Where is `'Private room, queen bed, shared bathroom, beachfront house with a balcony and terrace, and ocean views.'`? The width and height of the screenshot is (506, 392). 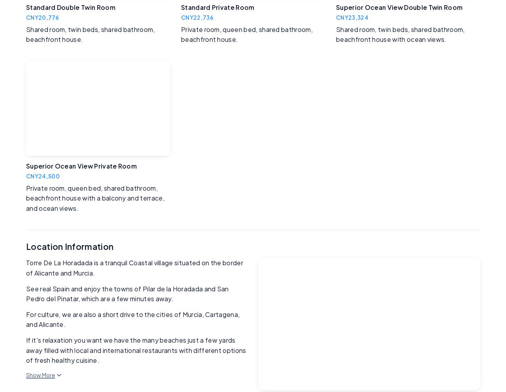 'Private room, queen bed, shared bathroom, beachfront house with a balcony and terrace, and ocean views.' is located at coordinates (95, 197).